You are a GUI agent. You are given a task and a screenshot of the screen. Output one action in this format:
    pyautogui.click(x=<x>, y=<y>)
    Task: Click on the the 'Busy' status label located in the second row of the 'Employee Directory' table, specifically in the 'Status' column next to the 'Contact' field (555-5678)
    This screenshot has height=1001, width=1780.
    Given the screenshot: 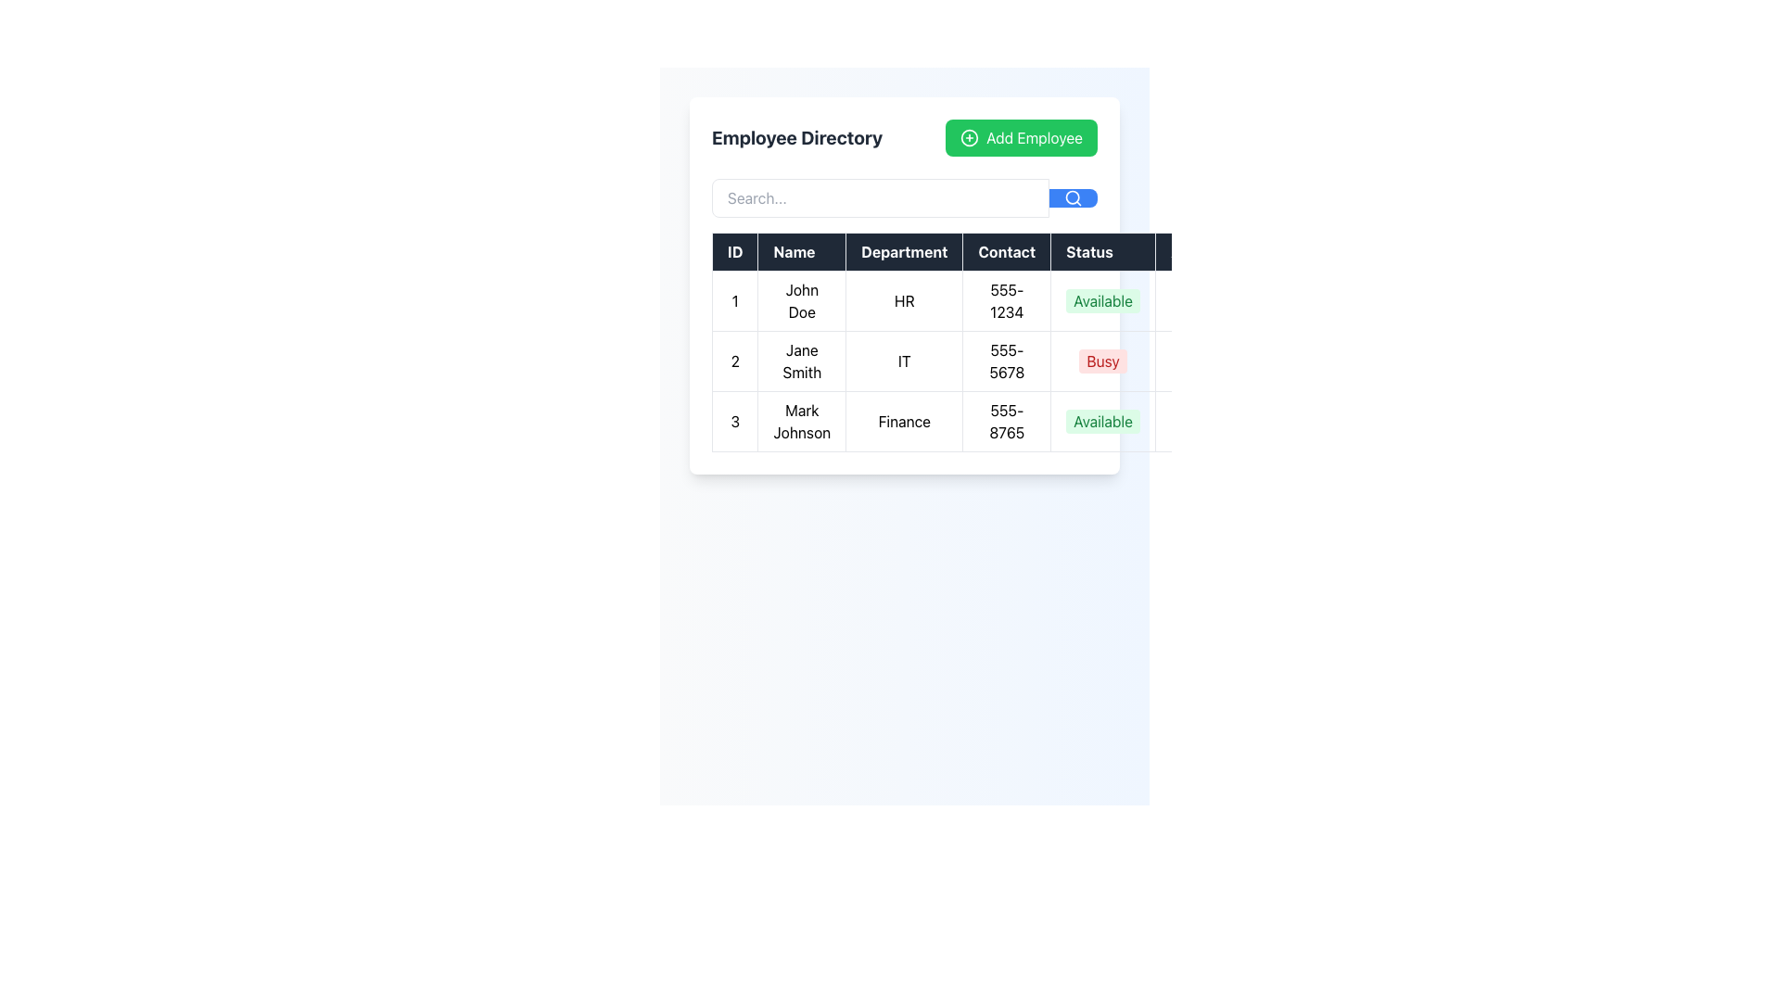 What is the action you would take?
    pyautogui.click(x=1103, y=361)
    